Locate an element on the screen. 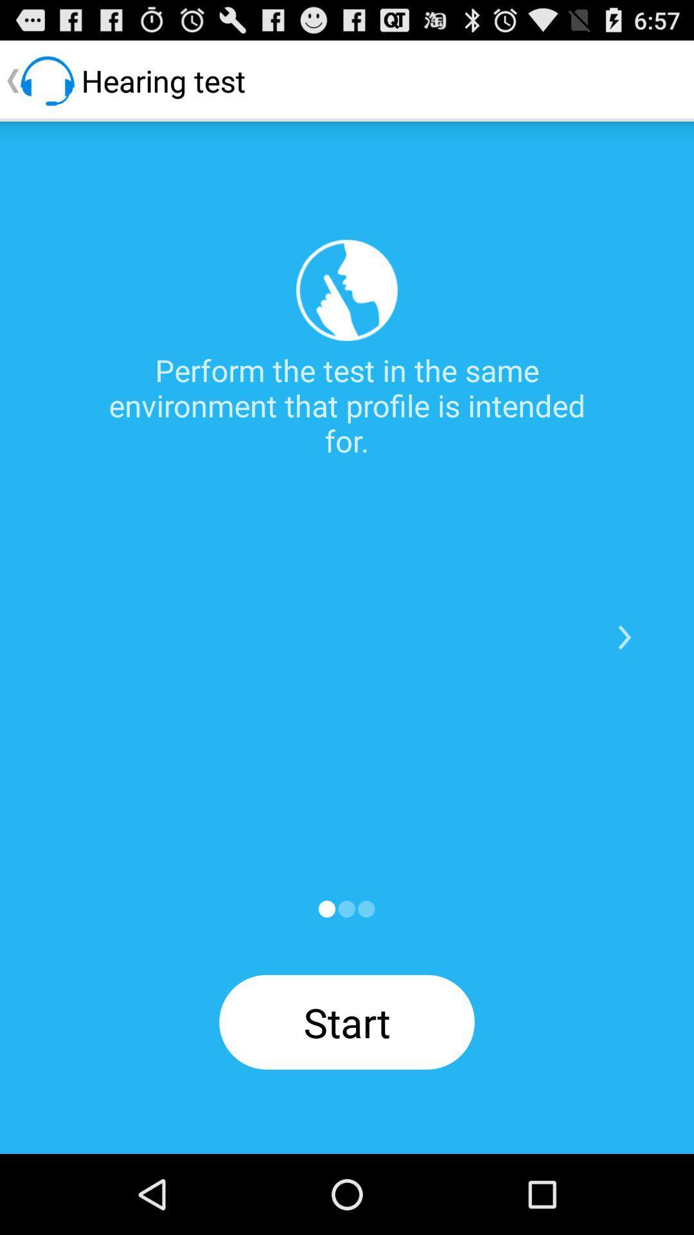 The height and width of the screenshot is (1235, 694). scroll through screens is located at coordinates (326, 908).